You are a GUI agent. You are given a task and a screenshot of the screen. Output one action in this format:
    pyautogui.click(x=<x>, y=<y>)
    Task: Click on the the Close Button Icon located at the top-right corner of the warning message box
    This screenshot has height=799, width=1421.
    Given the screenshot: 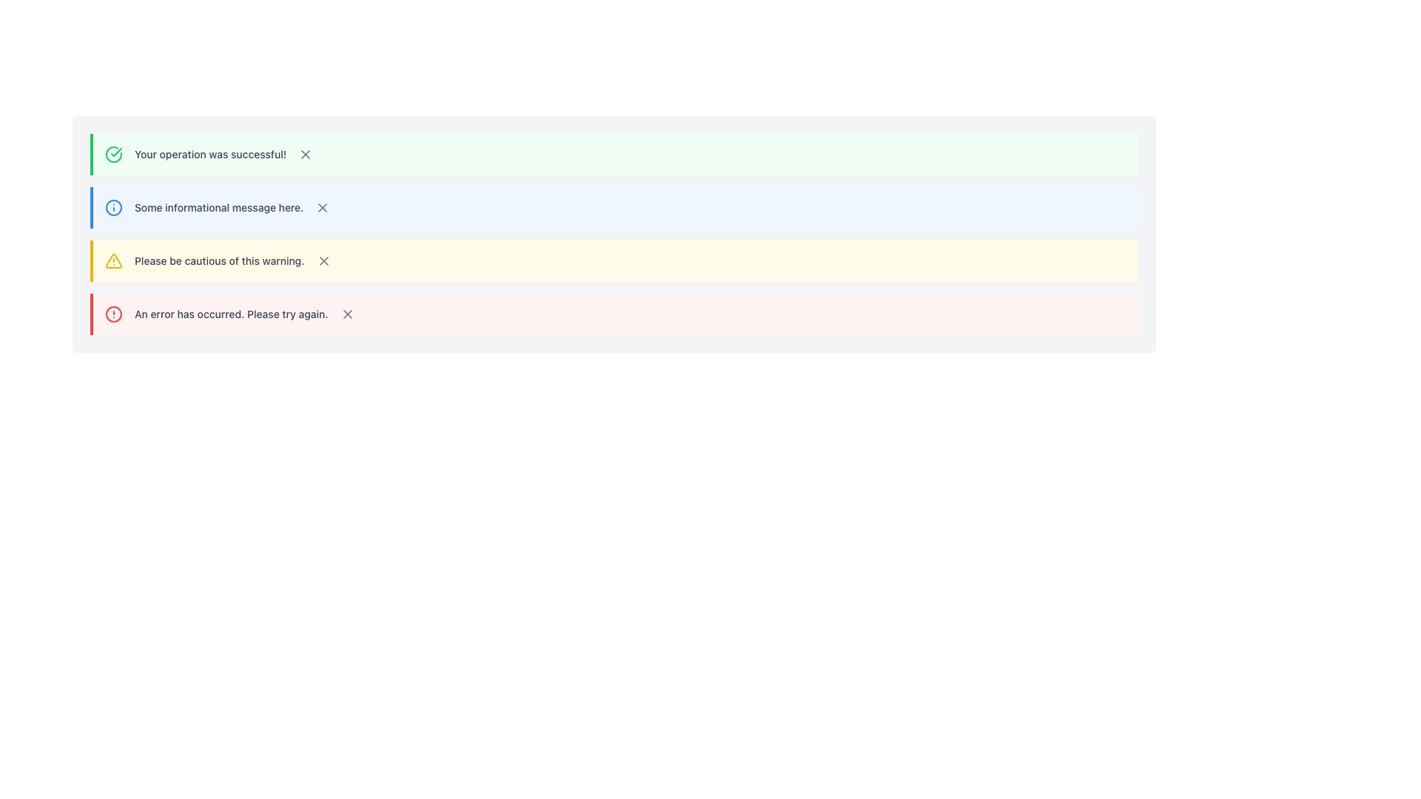 What is the action you would take?
    pyautogui.click(x=323, y=260)
    